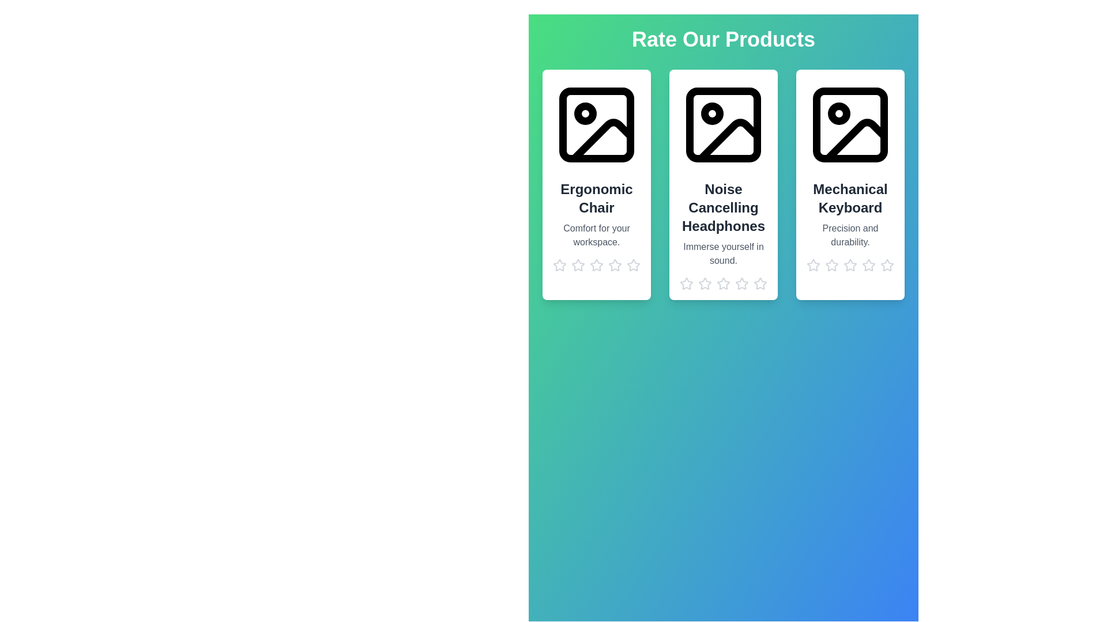  Describe the element at coordinates (597, 184) in the screenshot. I see `the product card to view its details` at that location.